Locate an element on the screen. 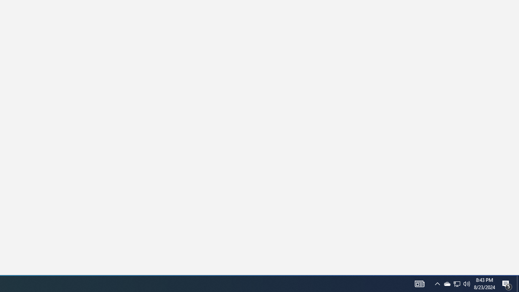 This screenshot has width=519, height=292. 'Show desktop' is located at coordinates (507, 283).